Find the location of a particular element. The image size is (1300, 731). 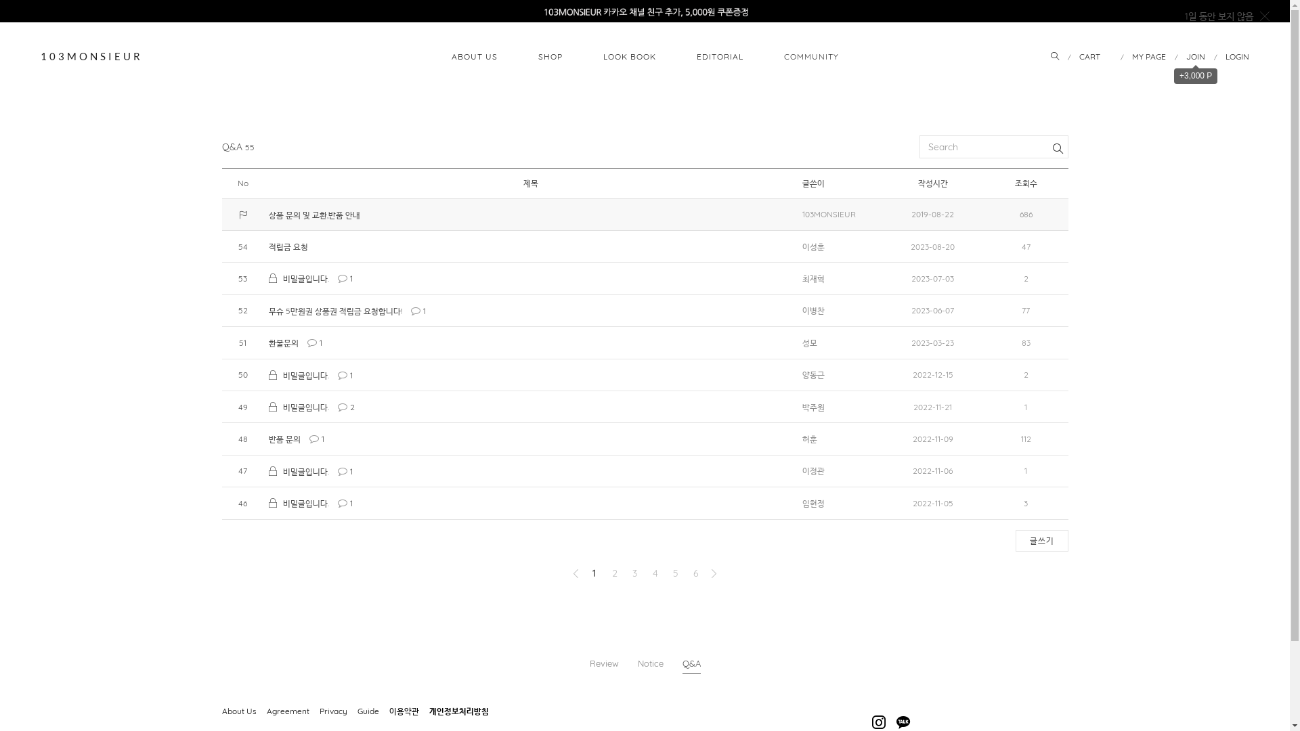

'Previous' is located at coordinates (575, 573).